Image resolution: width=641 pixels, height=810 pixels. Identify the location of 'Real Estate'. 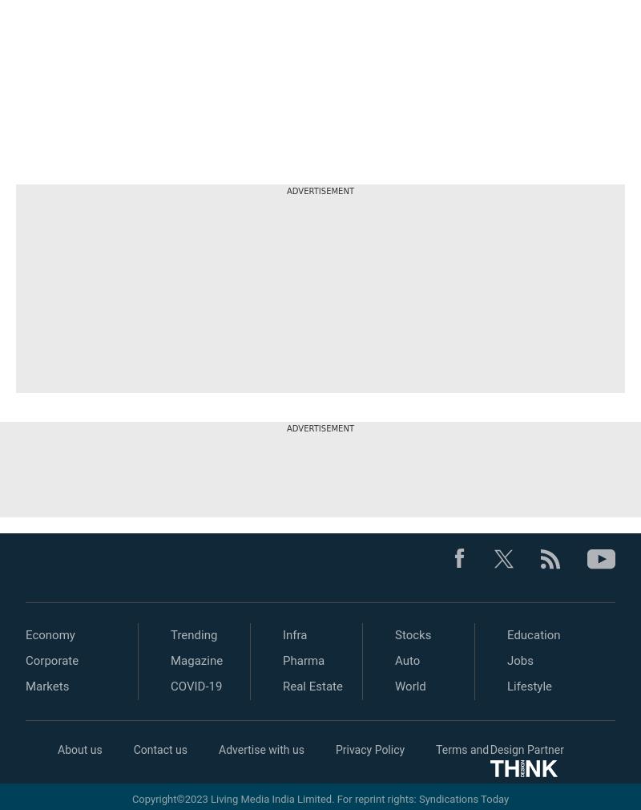
(312, 686).